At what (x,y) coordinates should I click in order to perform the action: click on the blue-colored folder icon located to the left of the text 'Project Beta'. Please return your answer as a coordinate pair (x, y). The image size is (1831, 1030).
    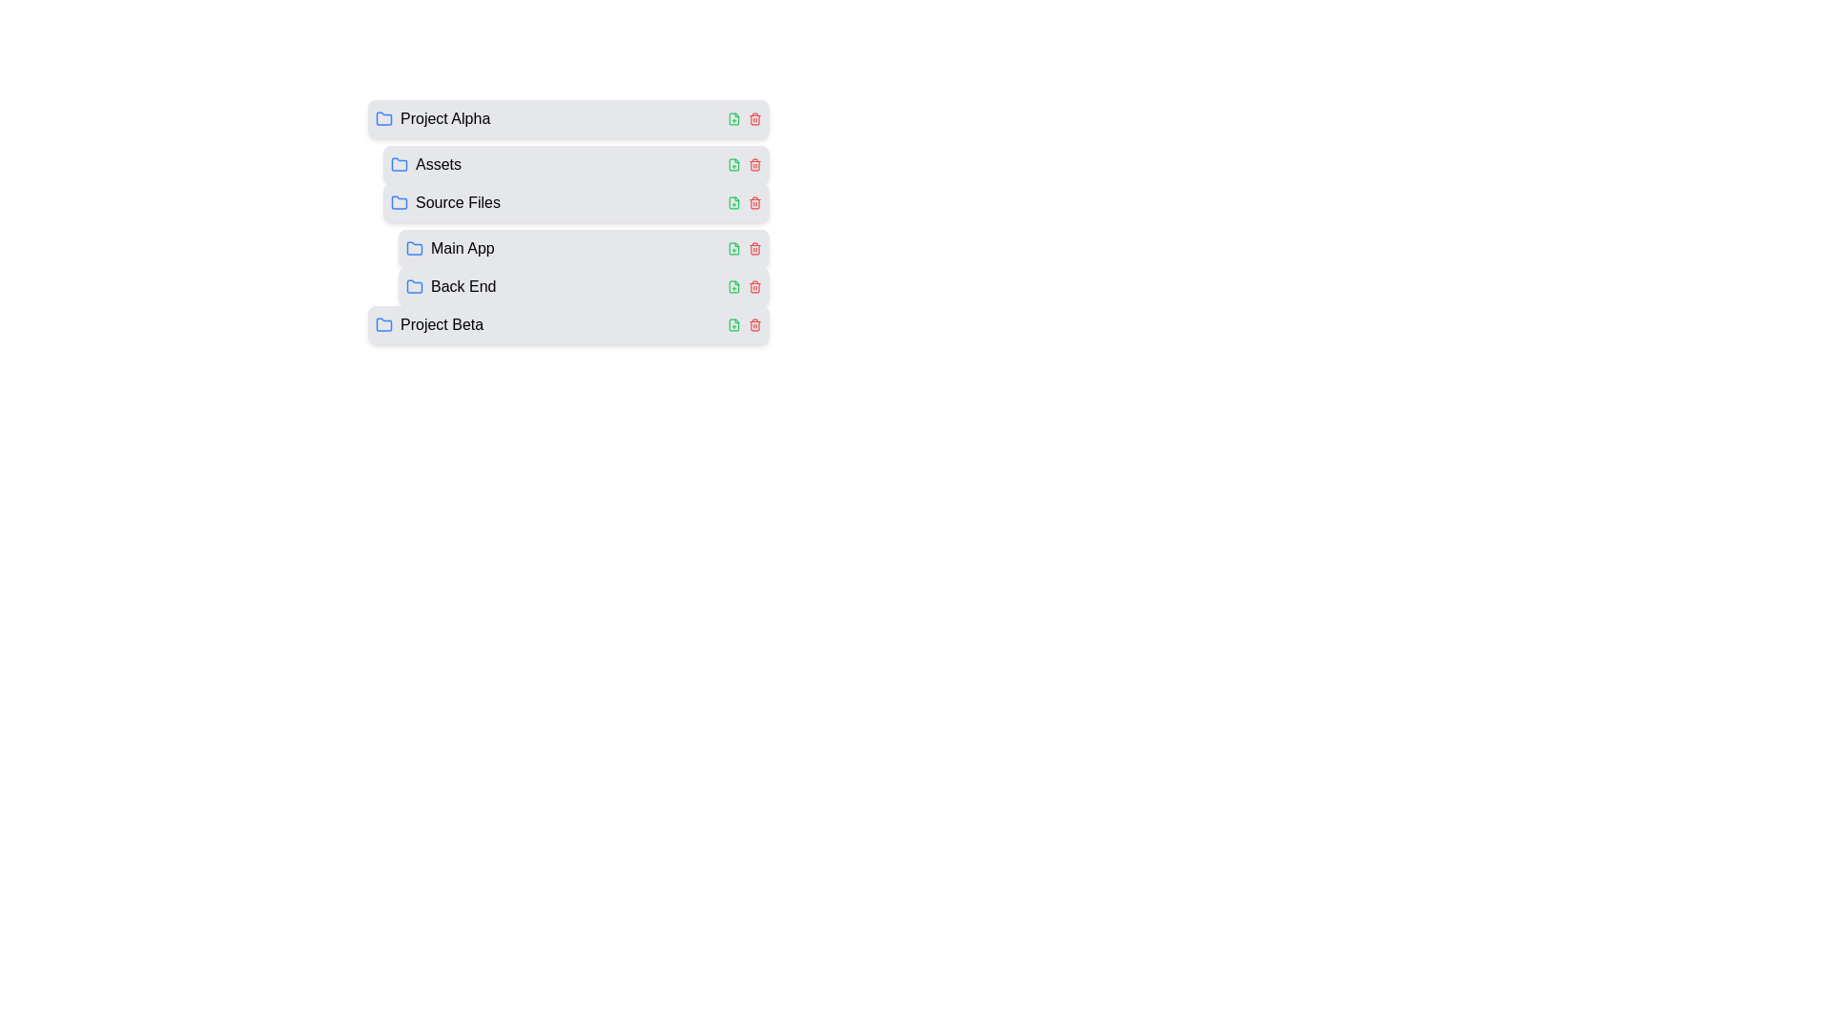
    Looking at the image, I should click on (383, 323).